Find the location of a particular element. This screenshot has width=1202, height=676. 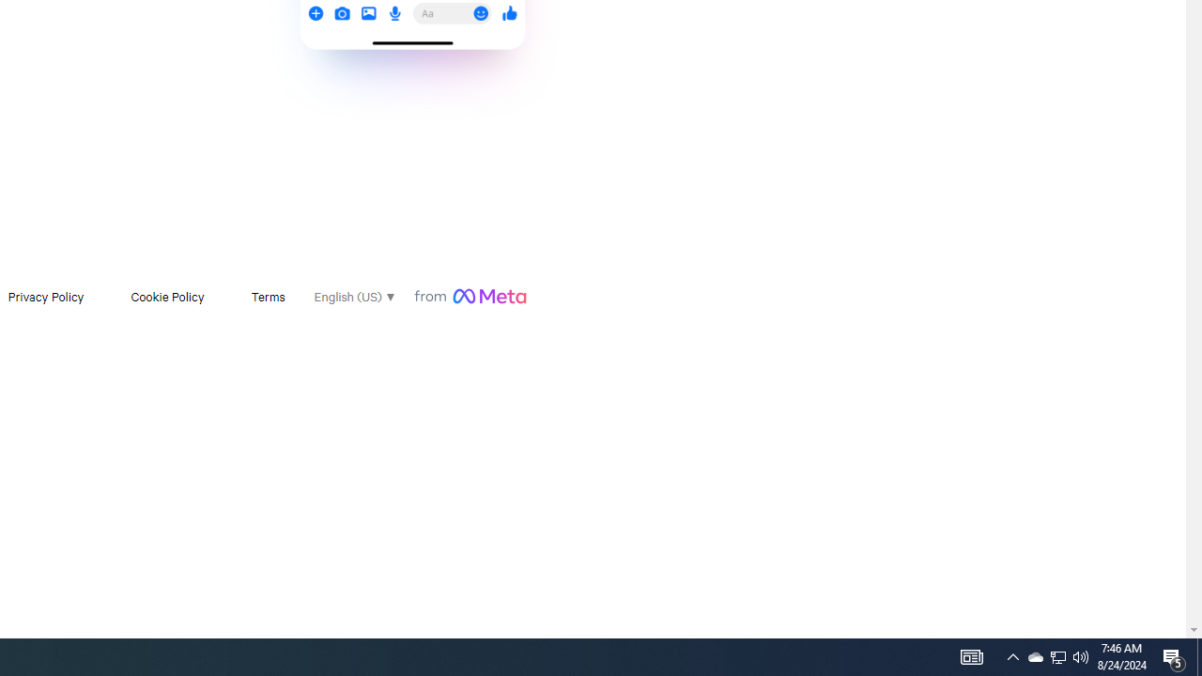

'English (US)' is located at coordinates (353, 296).